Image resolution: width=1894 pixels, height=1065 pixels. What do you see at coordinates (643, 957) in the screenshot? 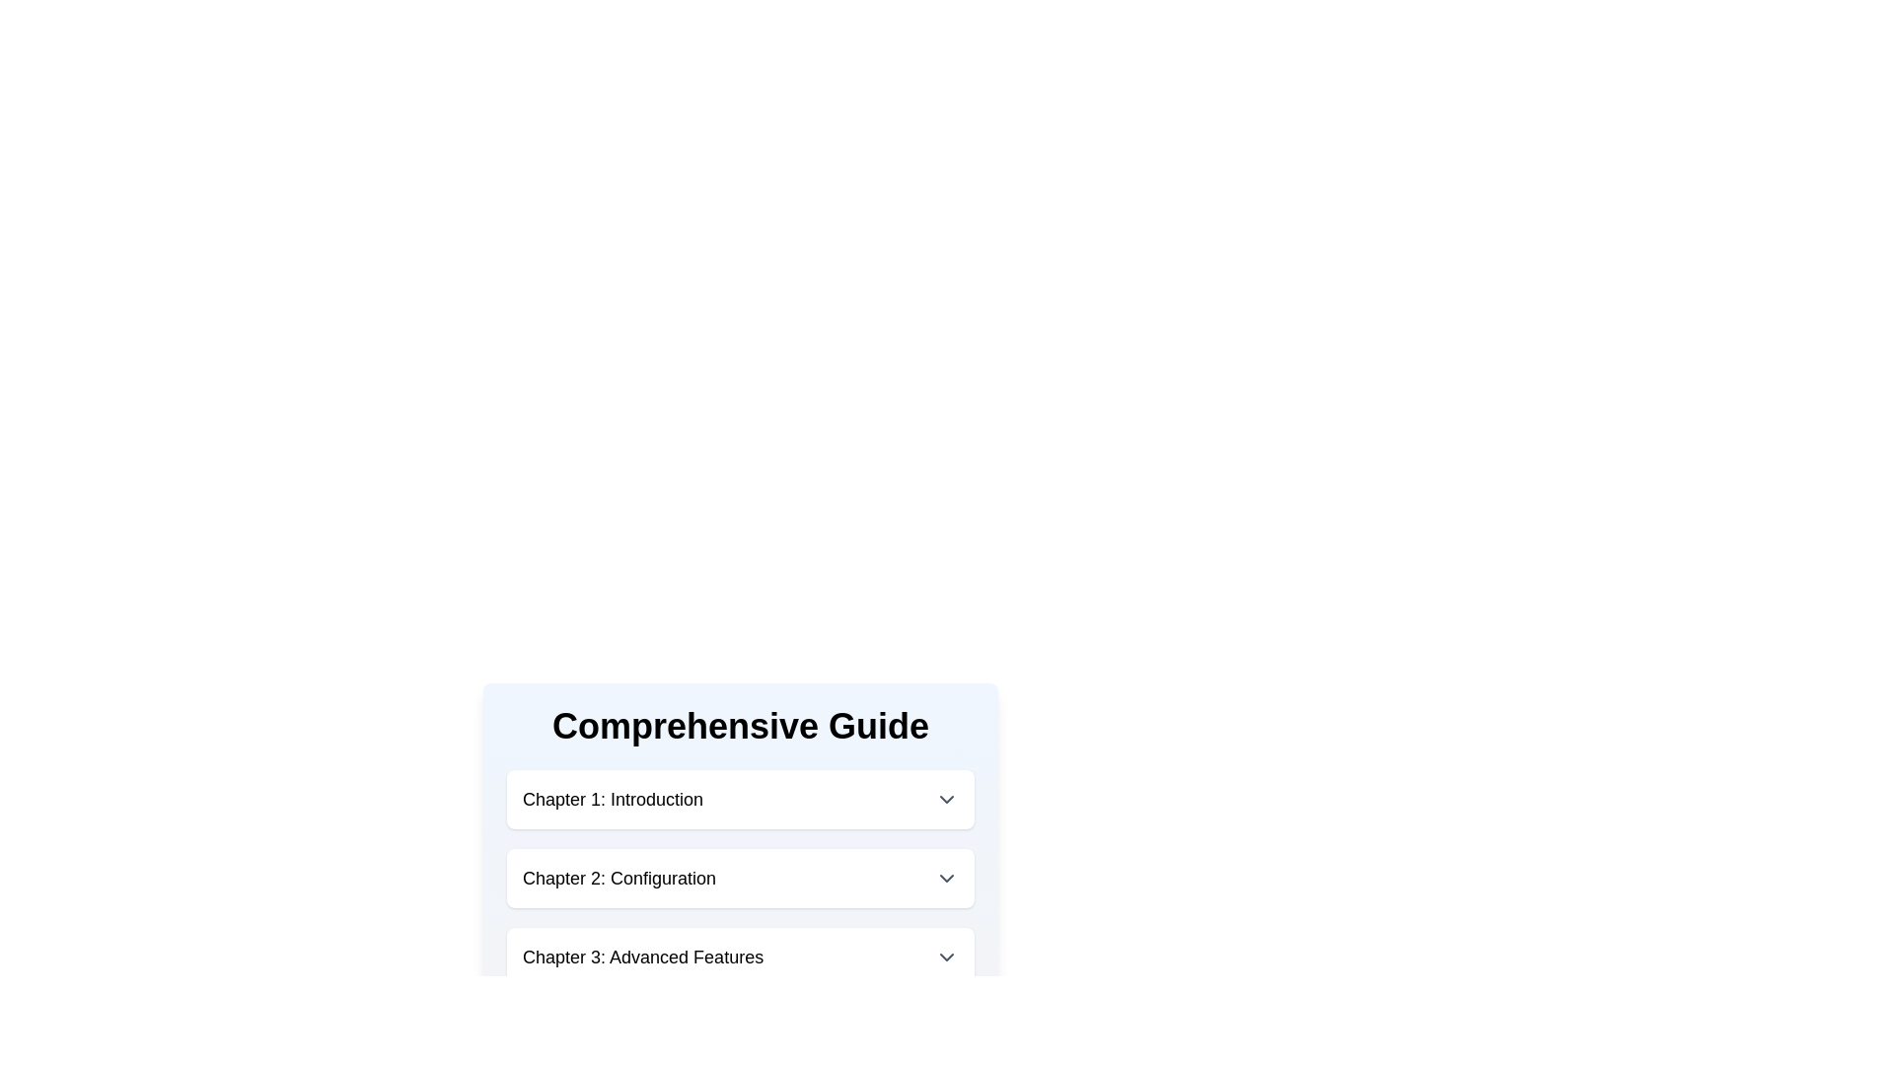
I see `the text label displaying 'Chapter 3: Advanced Features' which is part of a dropdown menu` at bounding box center [643, 957].